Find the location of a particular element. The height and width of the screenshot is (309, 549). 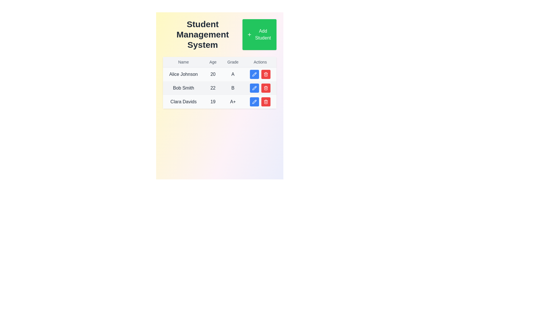

the bold gray 'B' text label in the 'Grade' column for 'Bob Smith' in the table is located at coordinates (233, 88).